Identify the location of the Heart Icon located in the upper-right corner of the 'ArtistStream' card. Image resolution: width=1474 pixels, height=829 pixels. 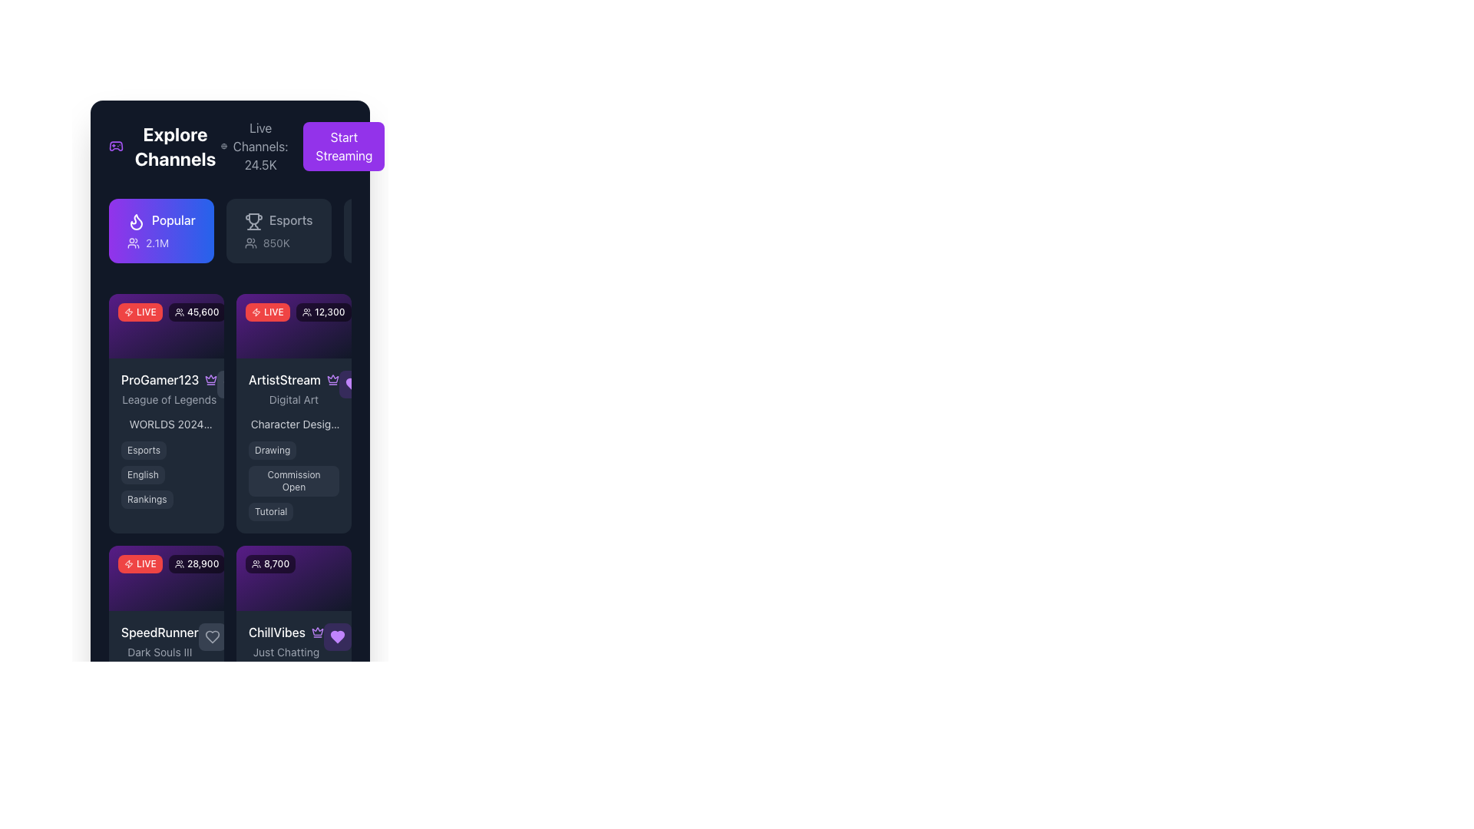
(352, 384).